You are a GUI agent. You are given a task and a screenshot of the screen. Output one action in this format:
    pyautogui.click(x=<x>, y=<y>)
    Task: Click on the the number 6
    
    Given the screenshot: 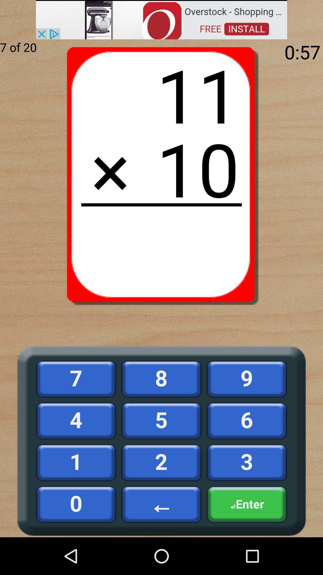 What is the action you would take?
    pyautogui.click(x=247, y=421)
    